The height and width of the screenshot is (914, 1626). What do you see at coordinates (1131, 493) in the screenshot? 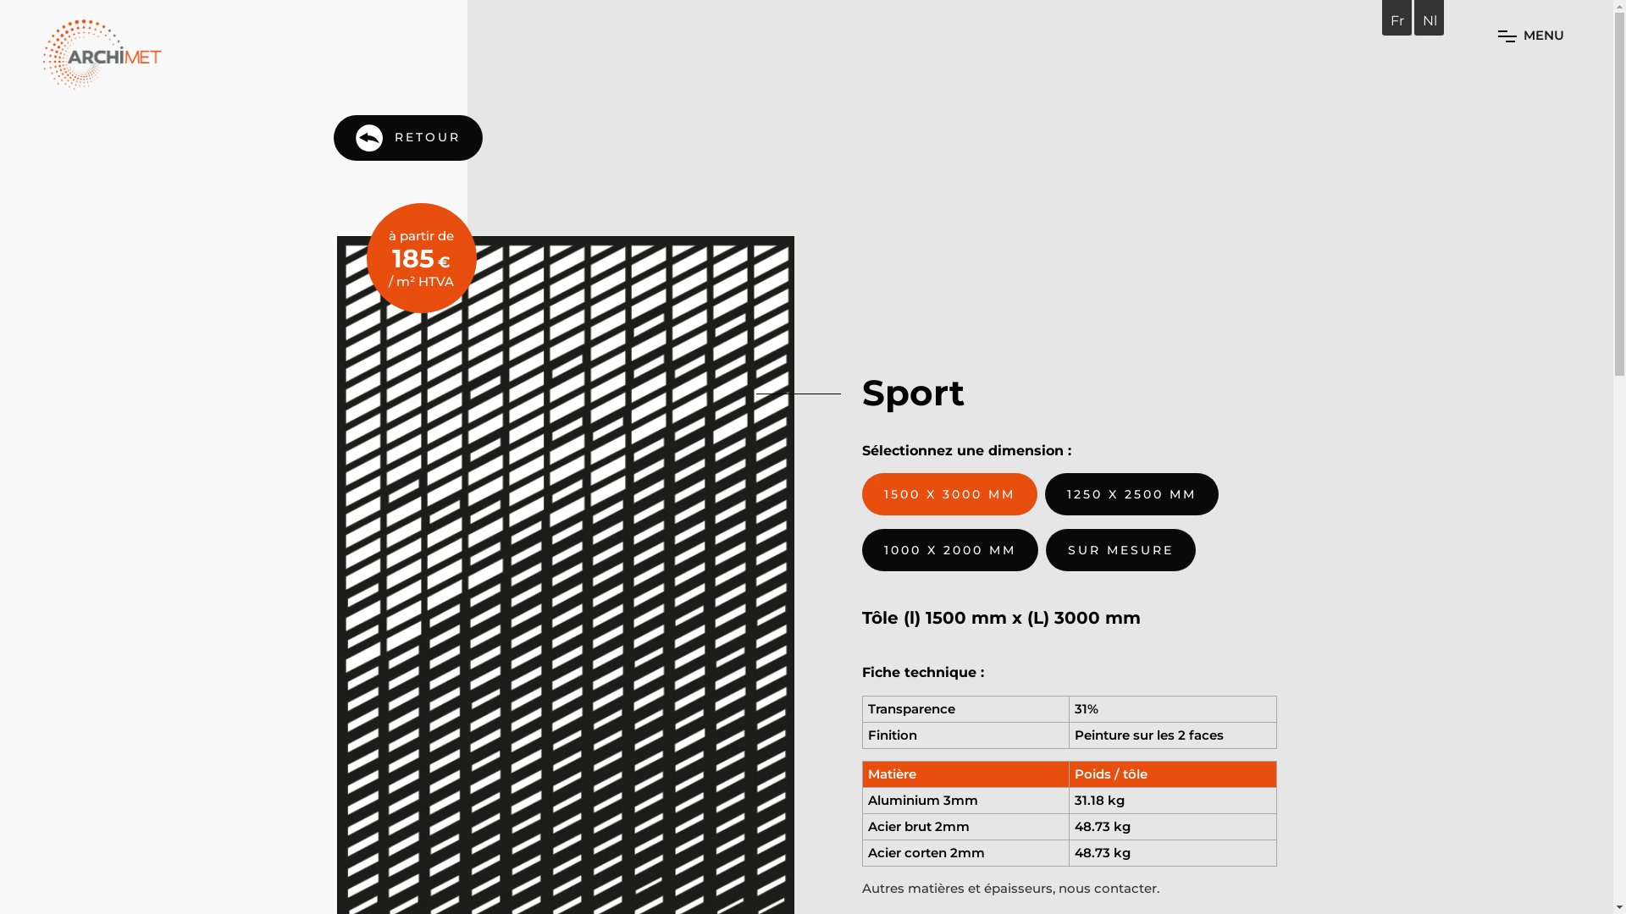
I see `'1250 X 2500 MM'` at bounding box center [1131, 493].